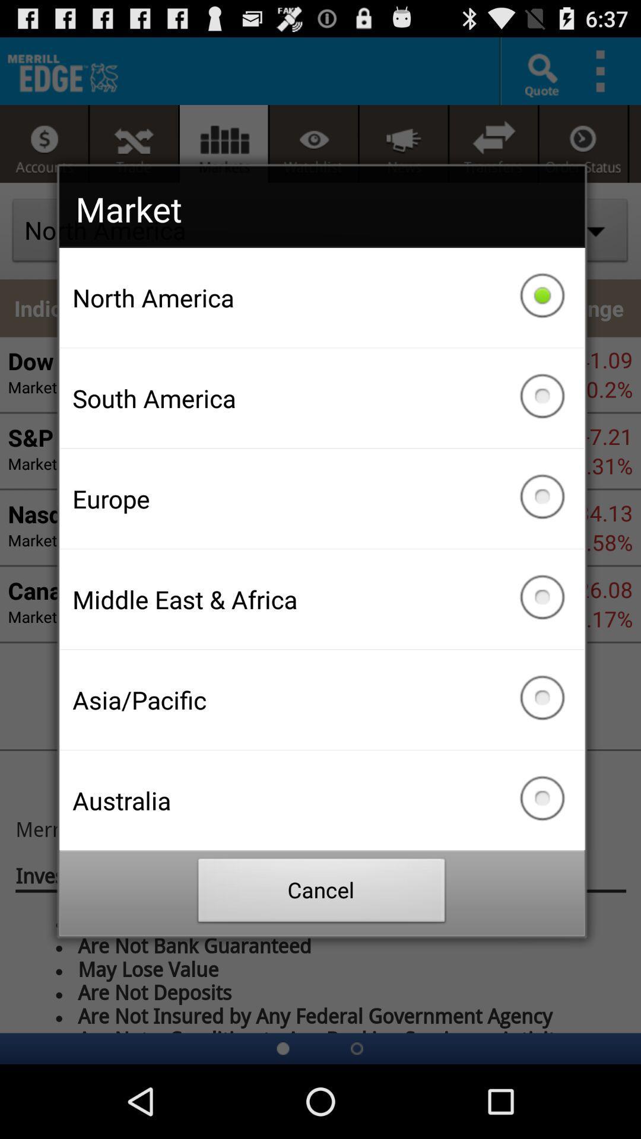  I want to click on the cancel icon, so click(322, 893).